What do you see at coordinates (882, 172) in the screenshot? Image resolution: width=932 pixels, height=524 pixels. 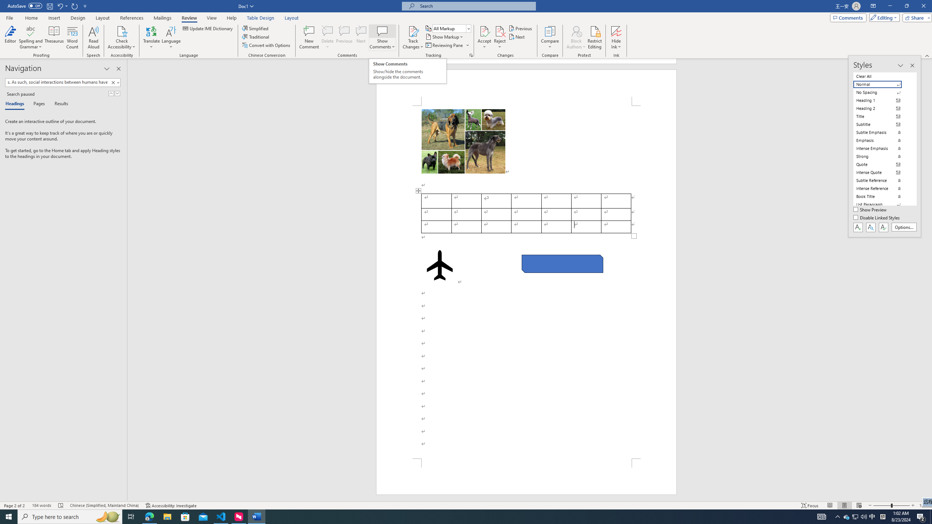 I see `'Intense Quote'` at bounding box center [882, 172].